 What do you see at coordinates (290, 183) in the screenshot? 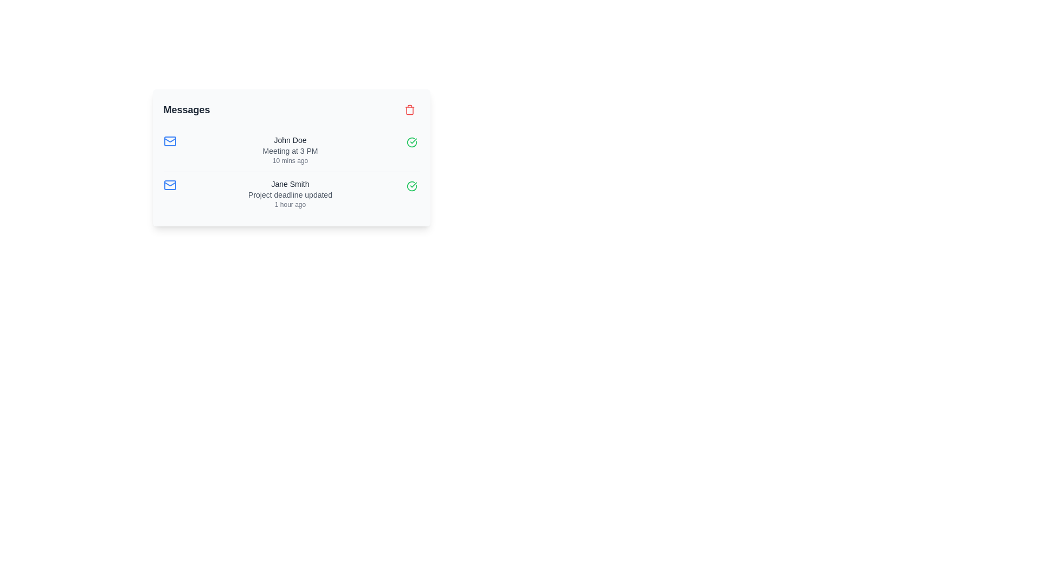
I see `static text label displaying 'Jane Smith' which is styled in a medium-sized dark gray font and is part of the user information section` at bounding box center [290, 183].